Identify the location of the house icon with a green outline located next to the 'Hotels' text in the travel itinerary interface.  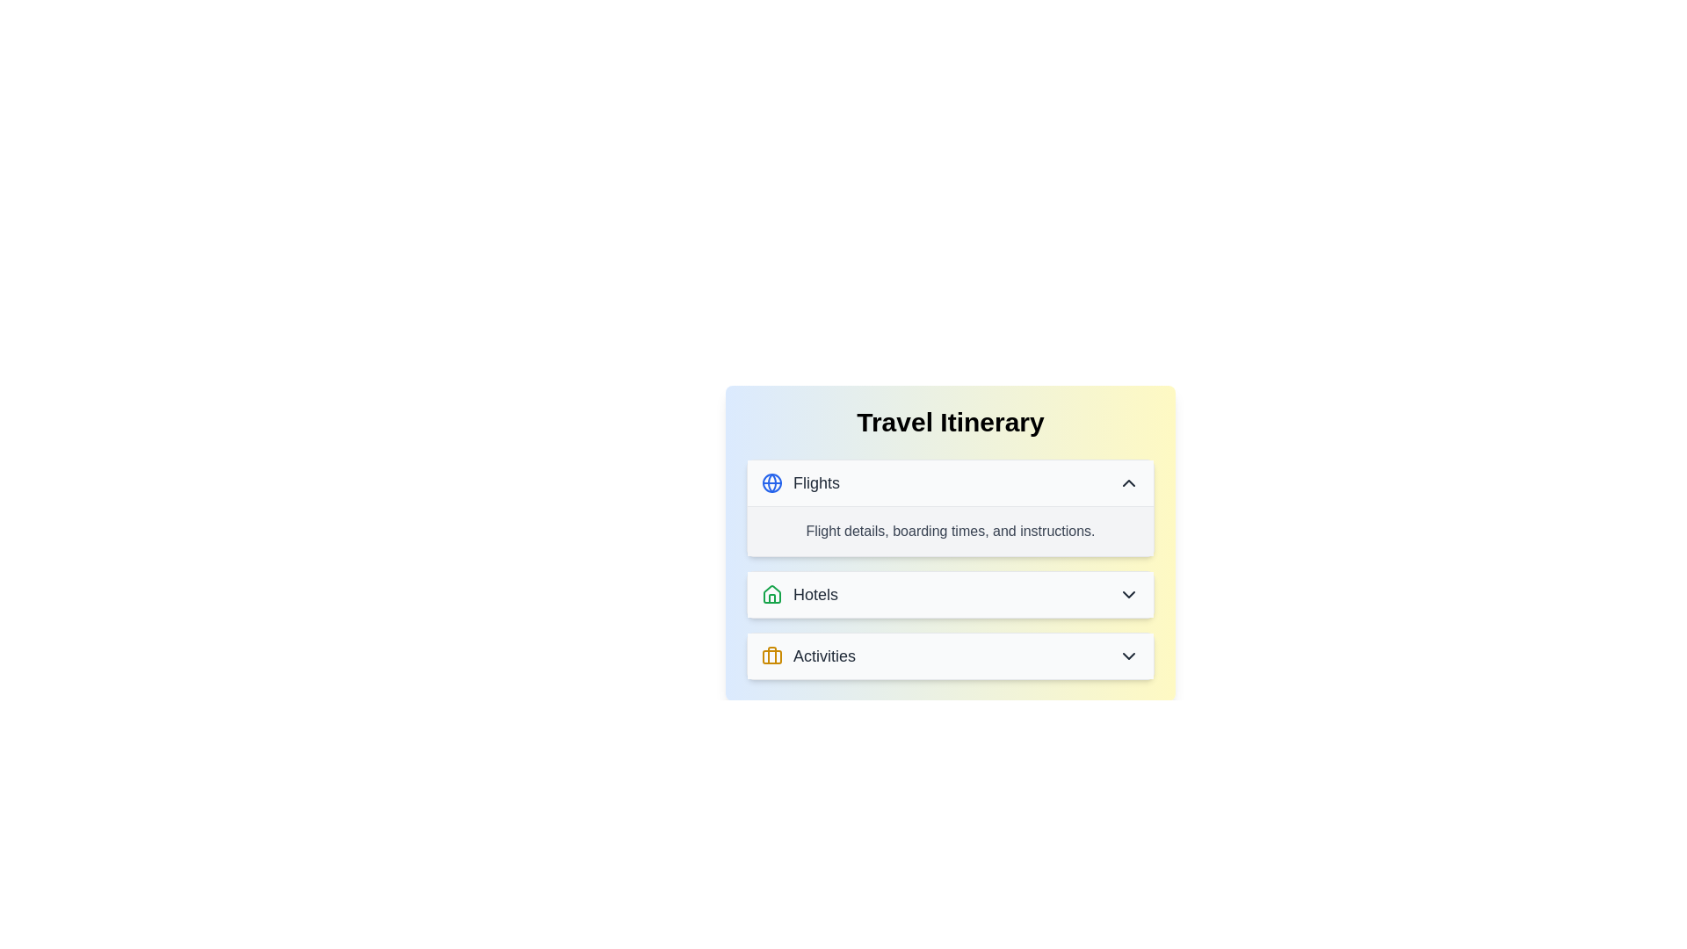
(771, 594).